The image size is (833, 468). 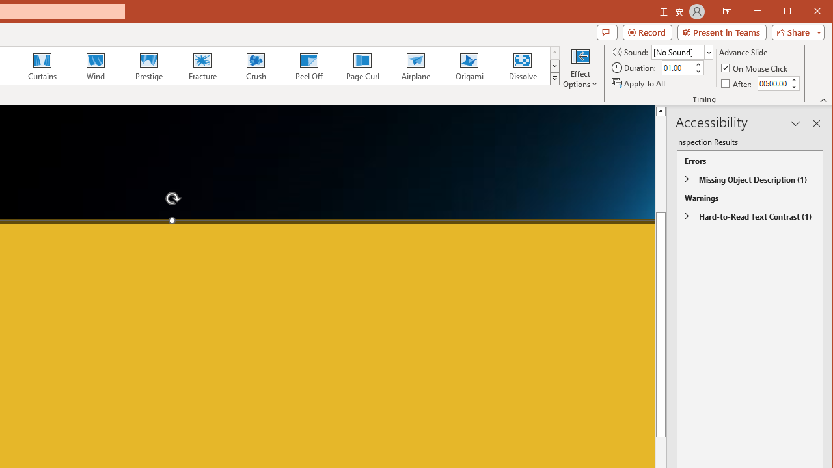 What do you see at coordinates (737, 83) in the screenshot?
I see `'After'` at bounding box center [737, 83].